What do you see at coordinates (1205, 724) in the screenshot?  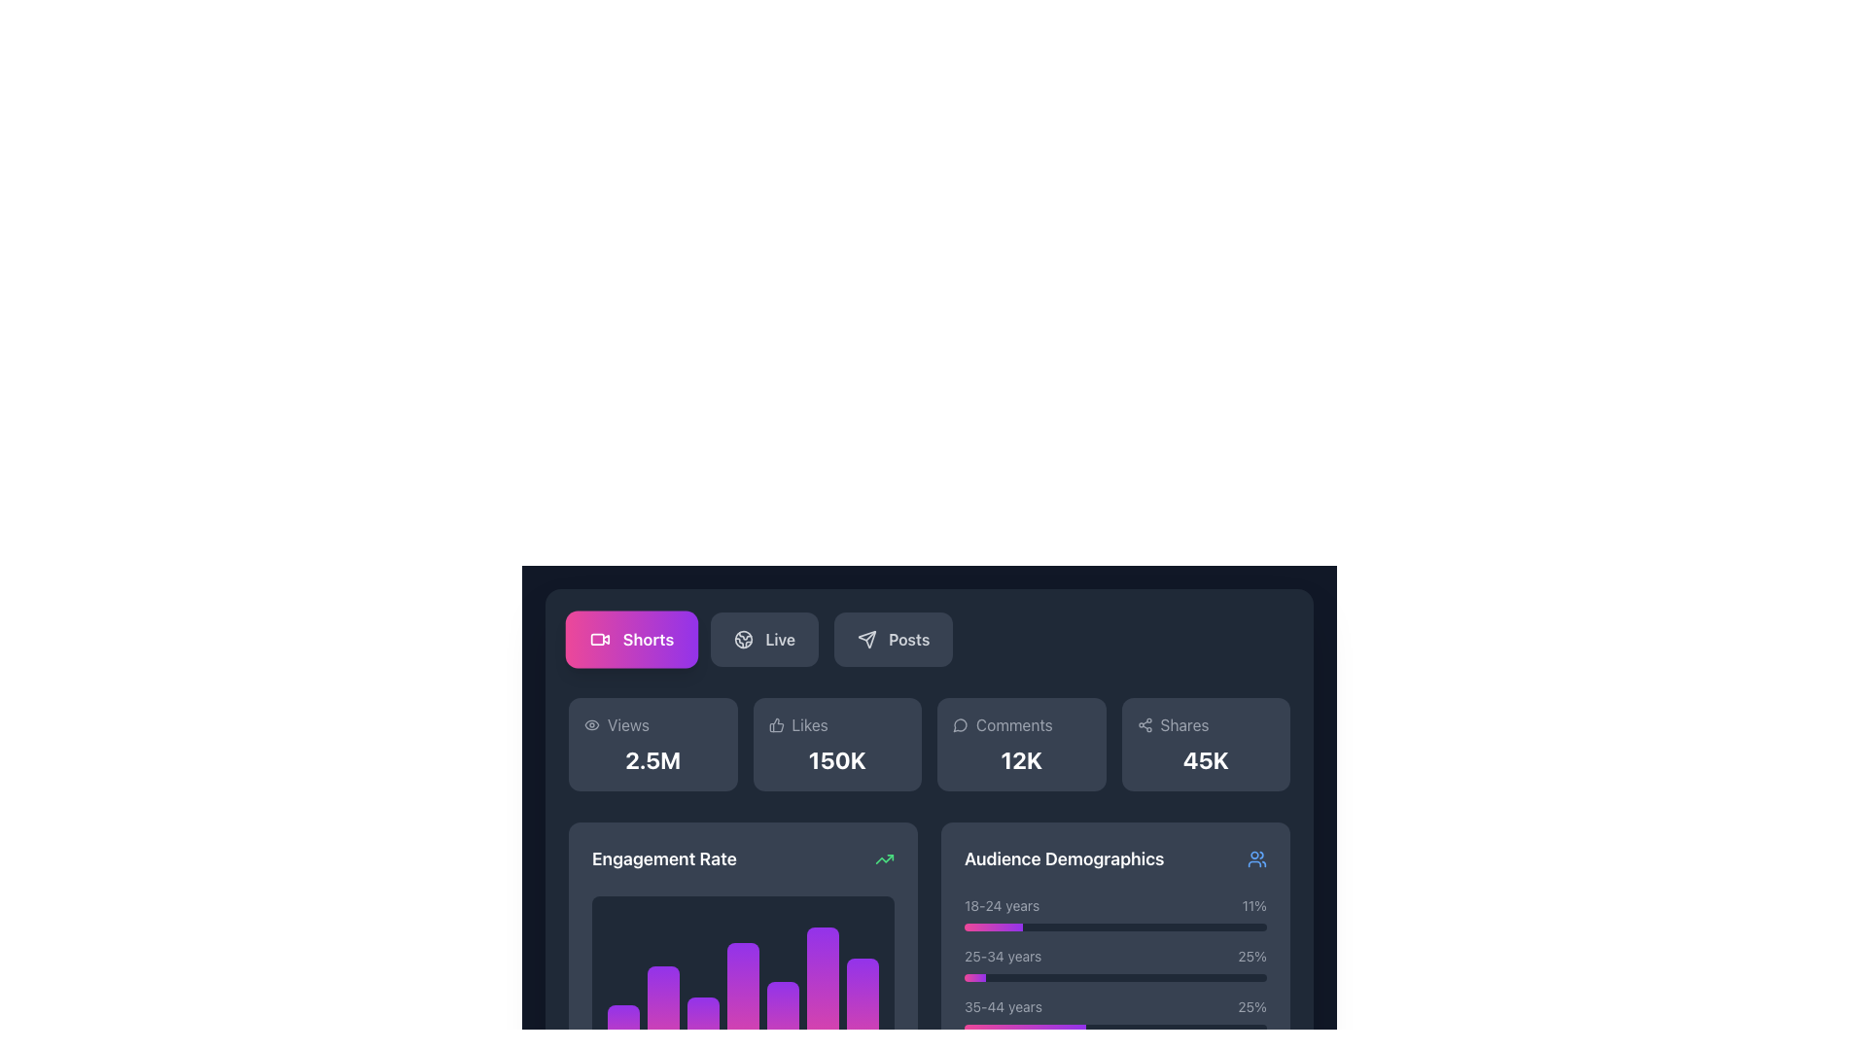 I see `the label with an icon that indicates the significance of the share count, which is horizontally aligned with the numeric text '45K'` at bounding box center [1205, 724].